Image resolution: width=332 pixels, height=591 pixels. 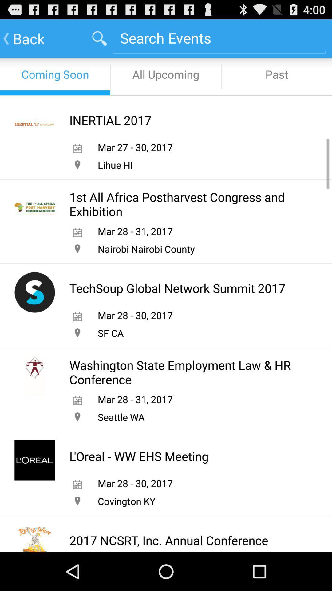 What do you see at coordinates (219, 38) in the screenshot?
I see `find more events` at bounding box center [219, 38].